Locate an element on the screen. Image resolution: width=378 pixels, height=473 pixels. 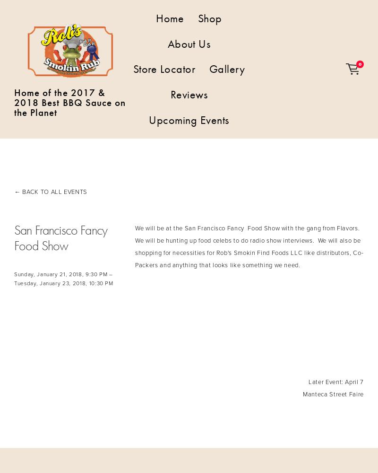
'San Francisco Fancy Food Show' is located at coordinates (60, 237).